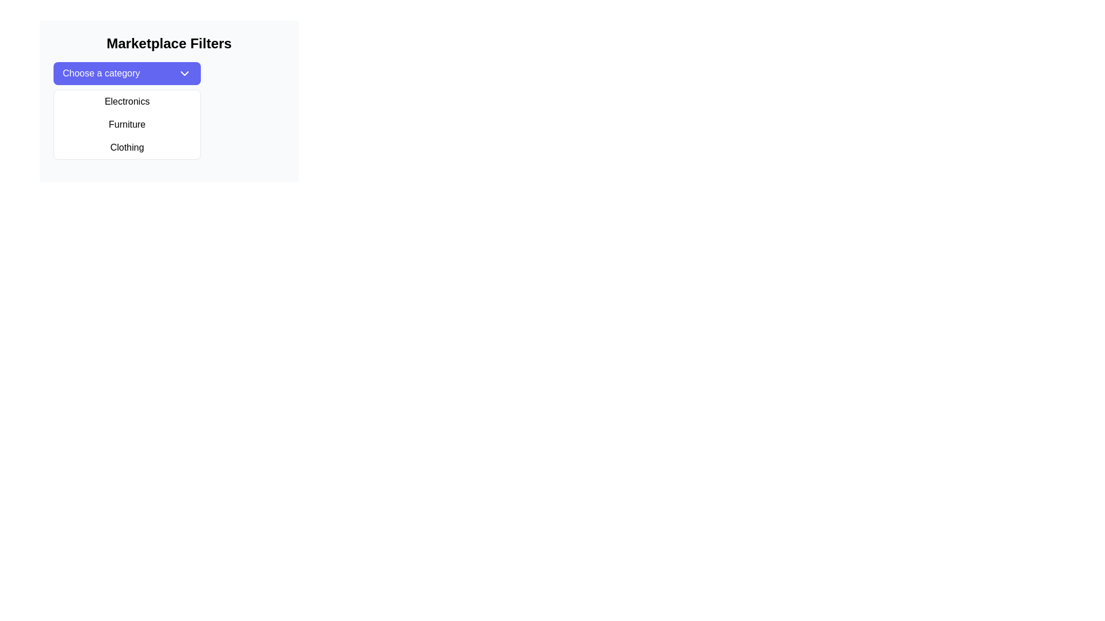  What do you see at coordinates (127, 147) in the screenshot?
I see `the third item in the dropdown menu labeled 'Clothing'` at bounding box center [127, 147].